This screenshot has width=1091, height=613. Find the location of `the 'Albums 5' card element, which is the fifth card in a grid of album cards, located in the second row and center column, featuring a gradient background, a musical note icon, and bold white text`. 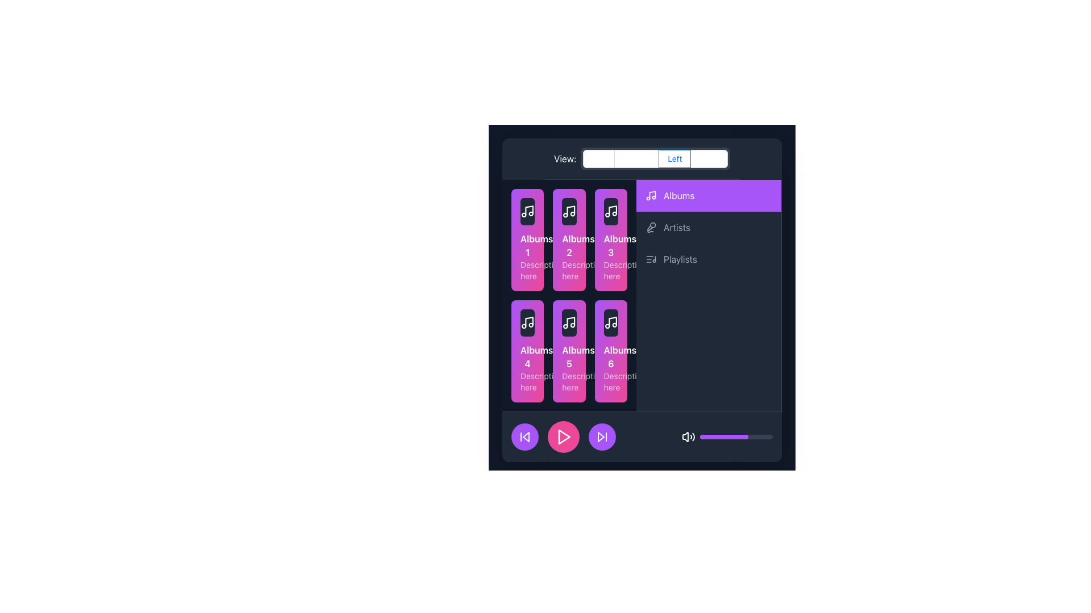

the 'Albums 5' card element, which is the fifth card in a grid of album cards, located in the second row and center column, featuring a gradient background, a musical note icon, and bold white text is located at coordinates (569, 350).